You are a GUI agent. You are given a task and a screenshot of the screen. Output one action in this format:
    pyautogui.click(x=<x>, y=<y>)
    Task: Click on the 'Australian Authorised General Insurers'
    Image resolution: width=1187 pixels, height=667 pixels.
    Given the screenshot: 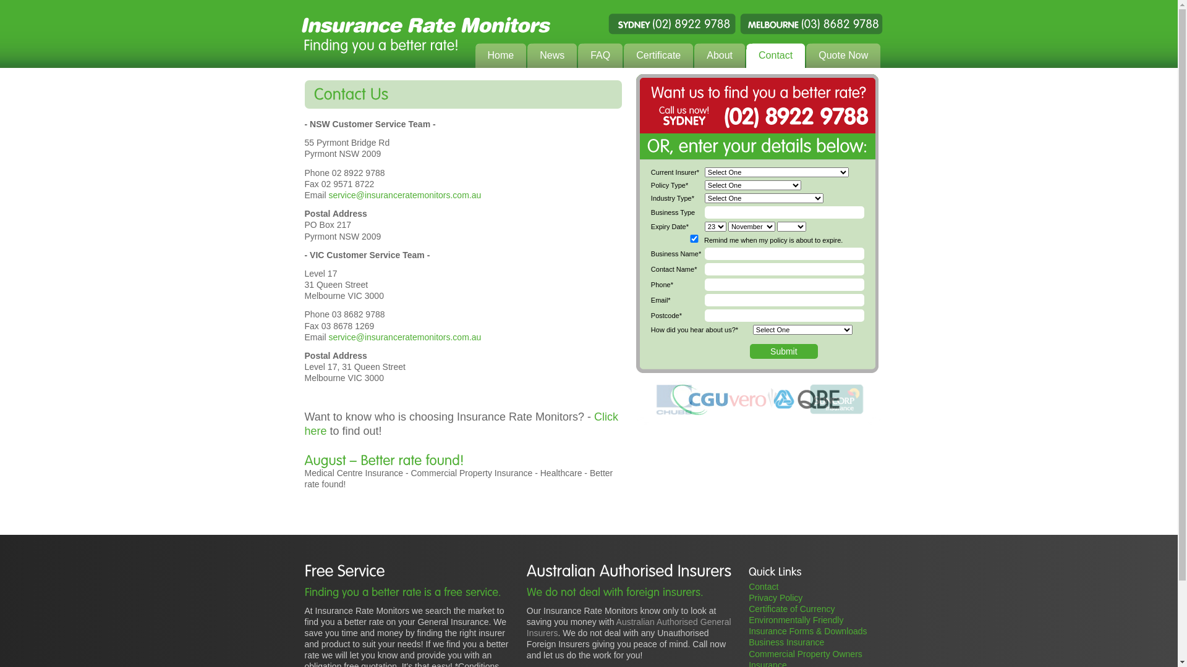 What is the action you would take?
    pyautogui.click(x=629, y=627)
    